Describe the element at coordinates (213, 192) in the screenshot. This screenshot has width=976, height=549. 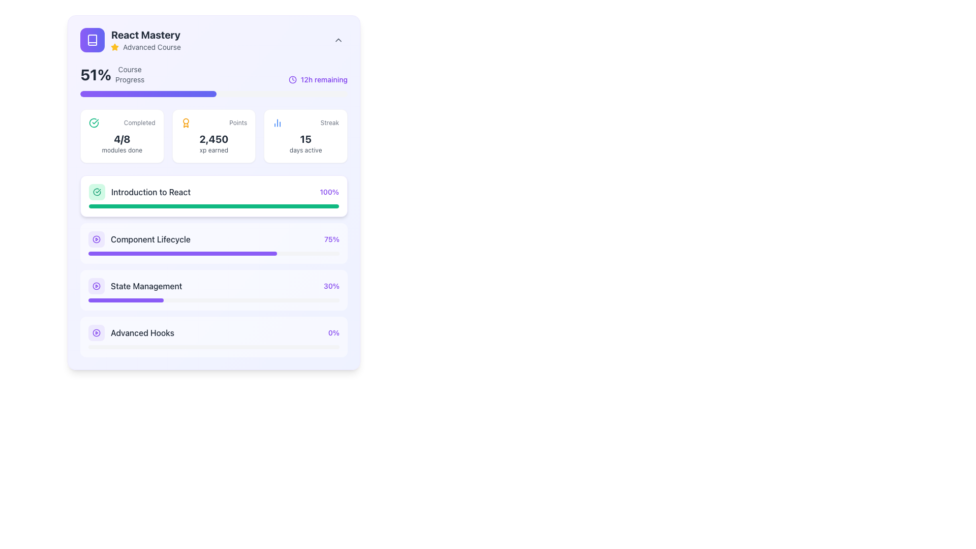
I see `the course module titled 'Introduction to React' with a completion indicator '100%' to interact with it` at that location.